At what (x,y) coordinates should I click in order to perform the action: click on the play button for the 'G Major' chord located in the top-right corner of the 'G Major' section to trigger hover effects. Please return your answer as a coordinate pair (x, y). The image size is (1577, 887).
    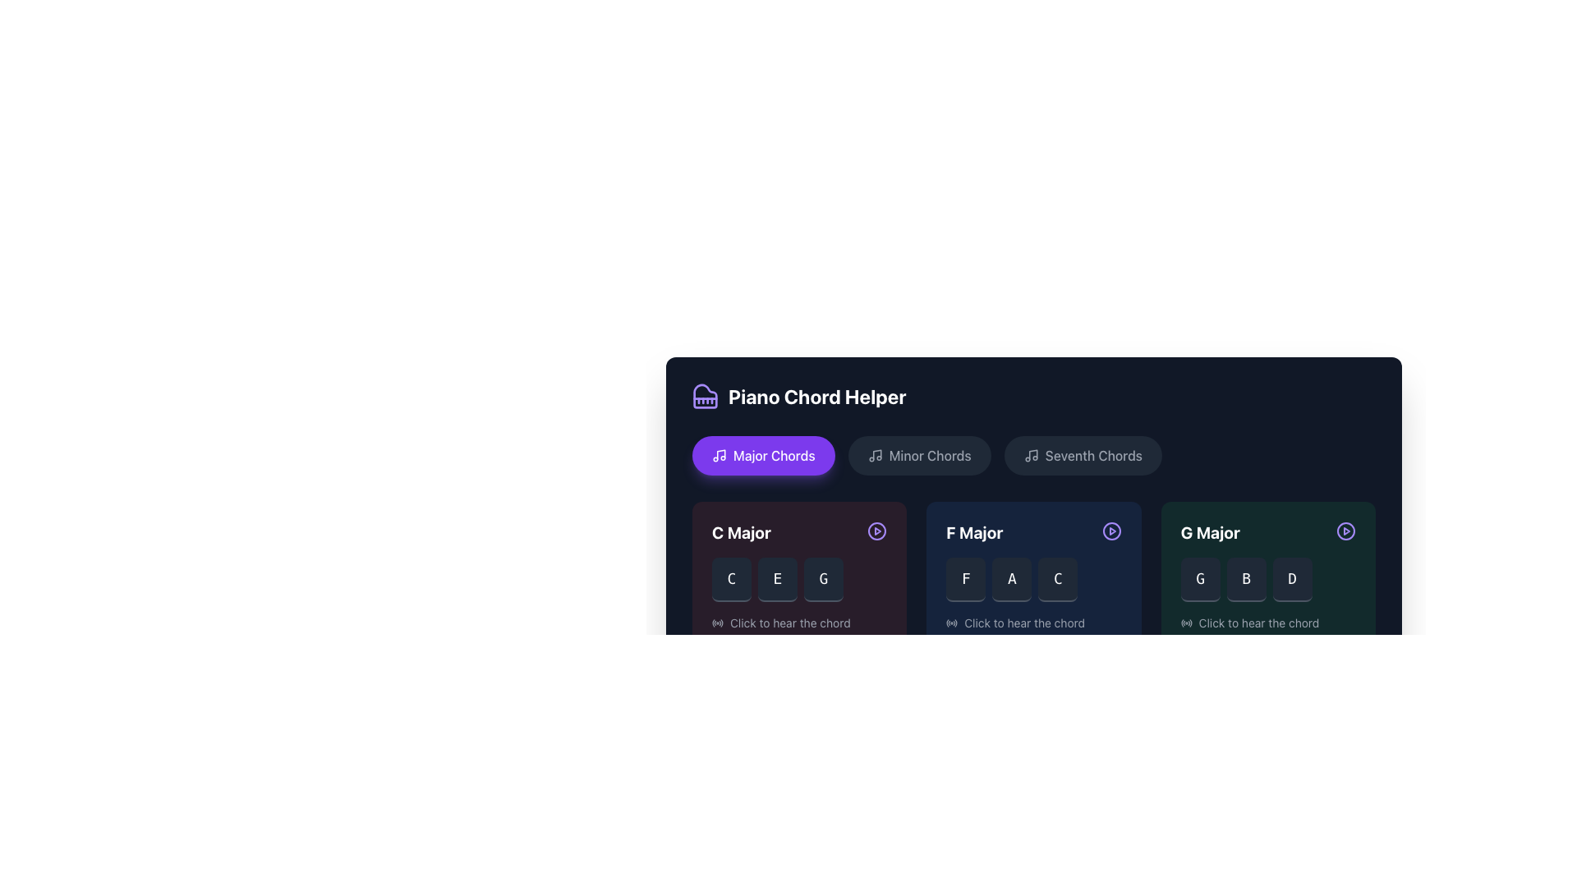
    Looking at the image, I should click on (1345, 531).